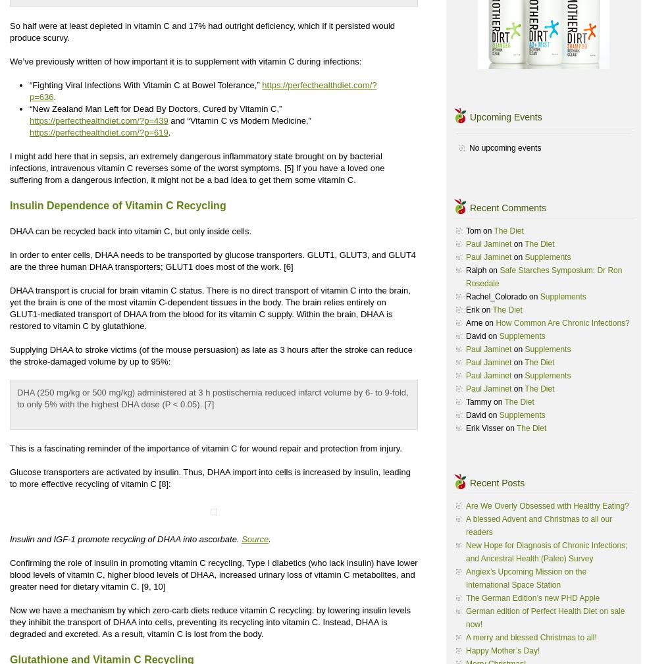 The height and width of the screenshot is (664, 645). I want to click on 'and “Vitamin C vs Modern Medicine,”', so click(167, 120).